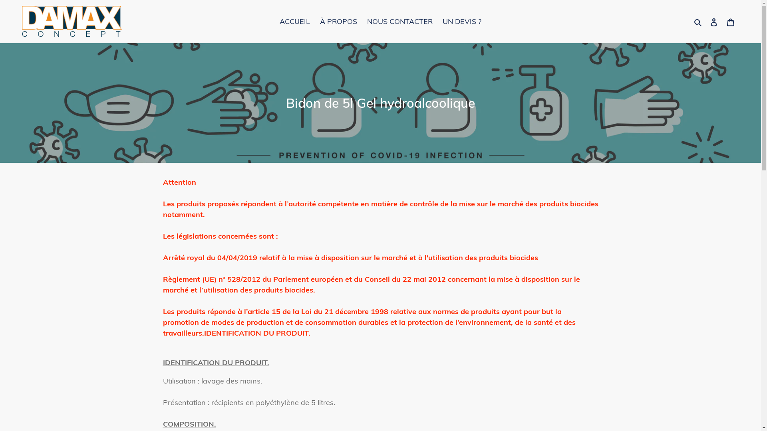  I want to click on 'Panier', so click(730, 21).